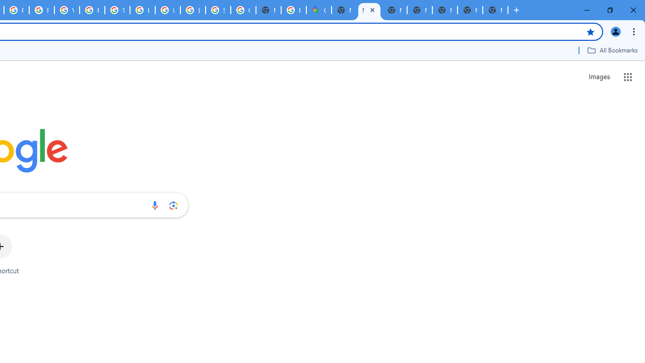 The width and height of the screenshot is (645, 363). I want to click on 'Google Maps', so click(318, 10).